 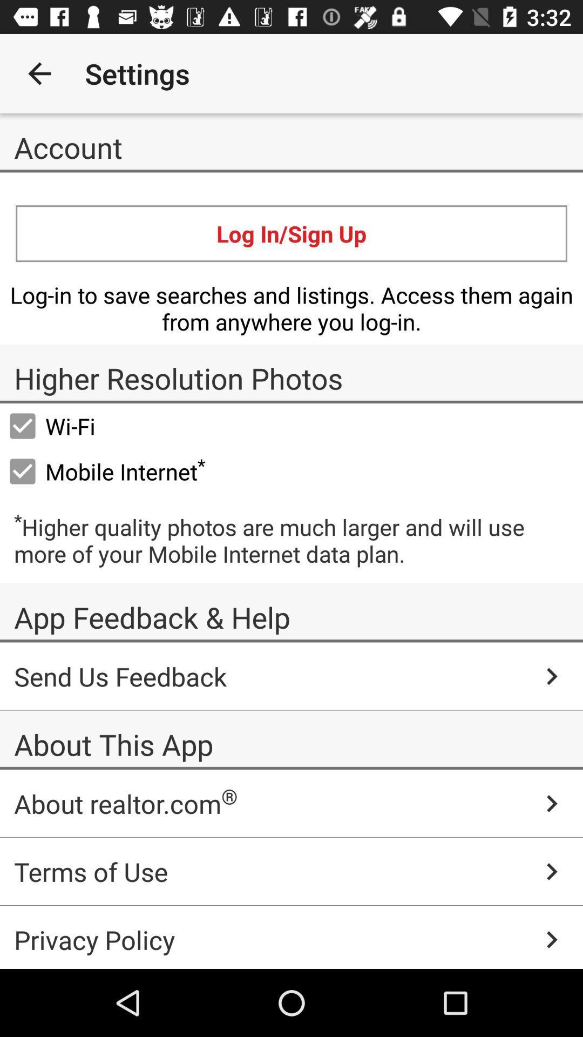 What do you see at coordinates (291, 676) in the screenshot?
I see `item above about this app icon` at bounding box center [291, 676].